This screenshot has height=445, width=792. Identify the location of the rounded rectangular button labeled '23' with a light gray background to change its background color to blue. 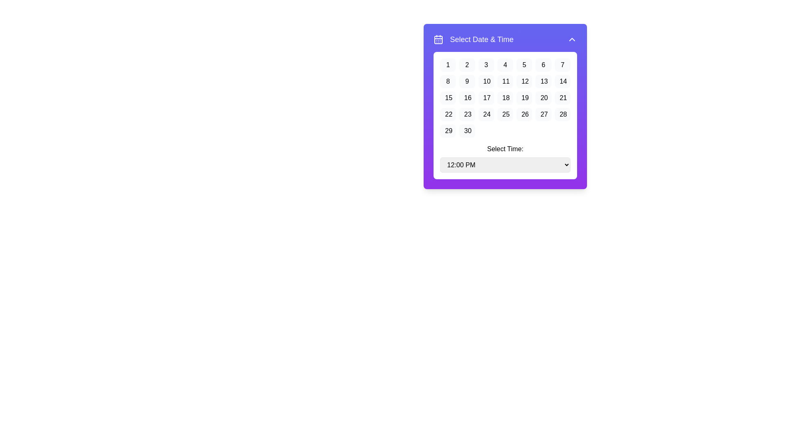
(467, 114).